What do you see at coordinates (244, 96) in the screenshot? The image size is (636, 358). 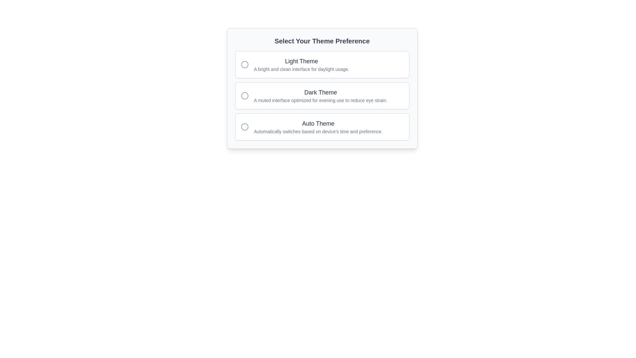 I see `the circle of the 'Dark Theme' radio button` at bounding box center [244, 96].